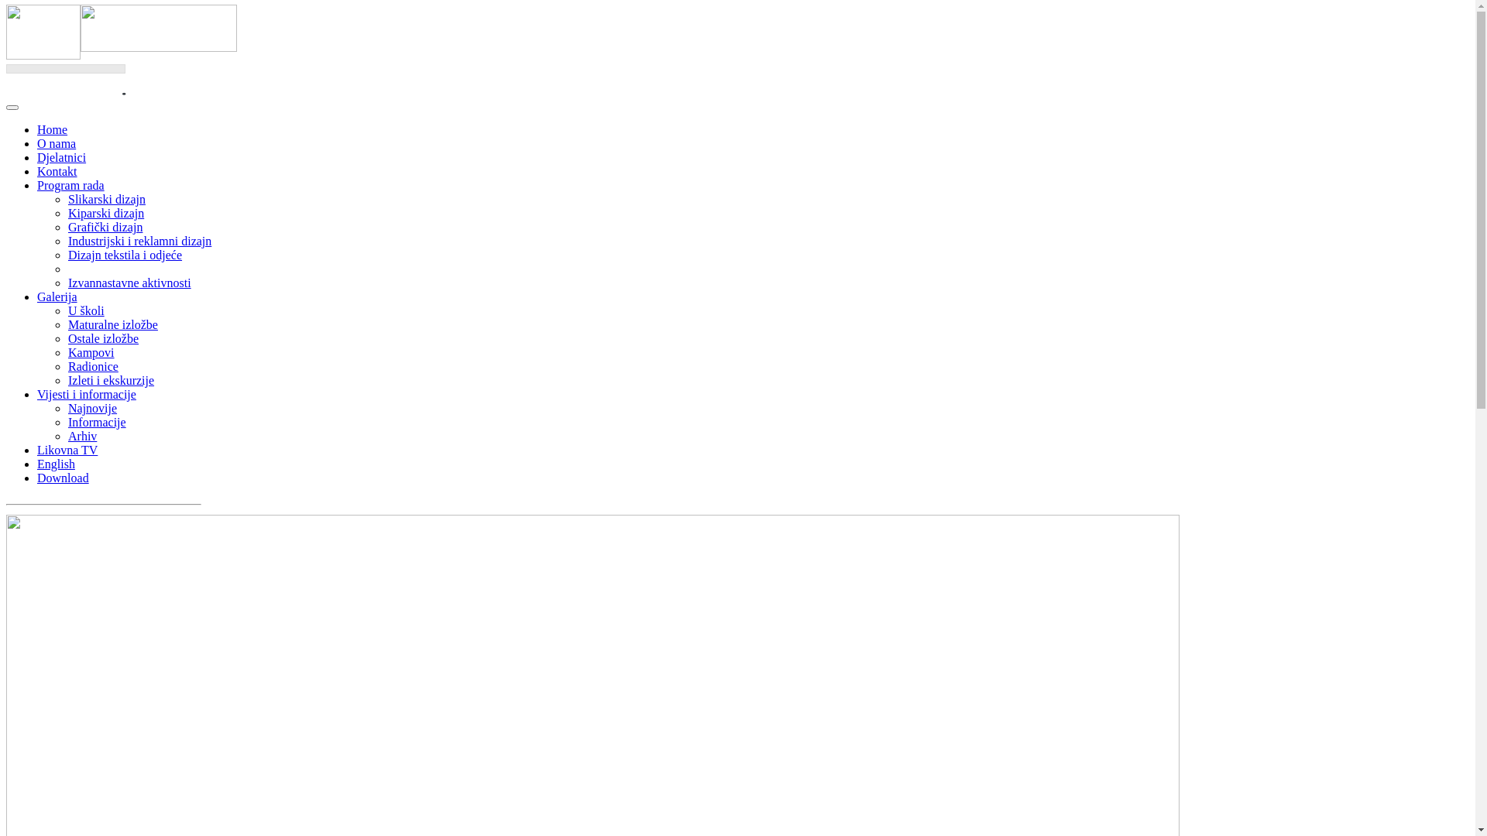  What do you see at coordinates (110, 380) in the screenshot?
I see `'Izleti i ekskurzije'` at bounding box center [110, 380].